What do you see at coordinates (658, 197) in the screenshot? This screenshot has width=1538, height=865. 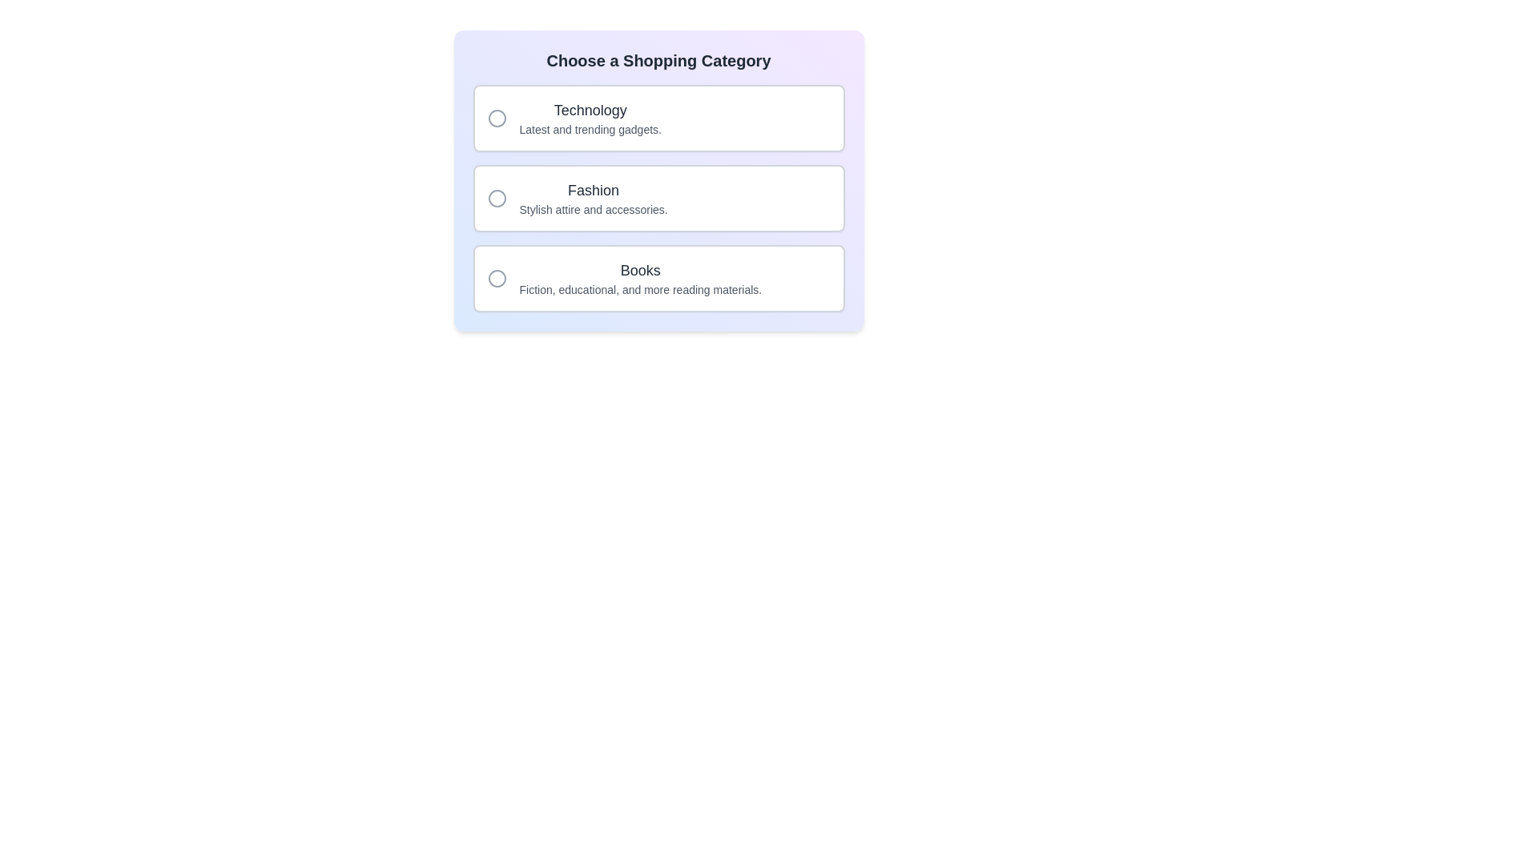 I see `the second selectable option card for 'Fashion' in the categorized options displayed beneath the header 'Choose a Shopping Category'` at bounding box center [658, 197].